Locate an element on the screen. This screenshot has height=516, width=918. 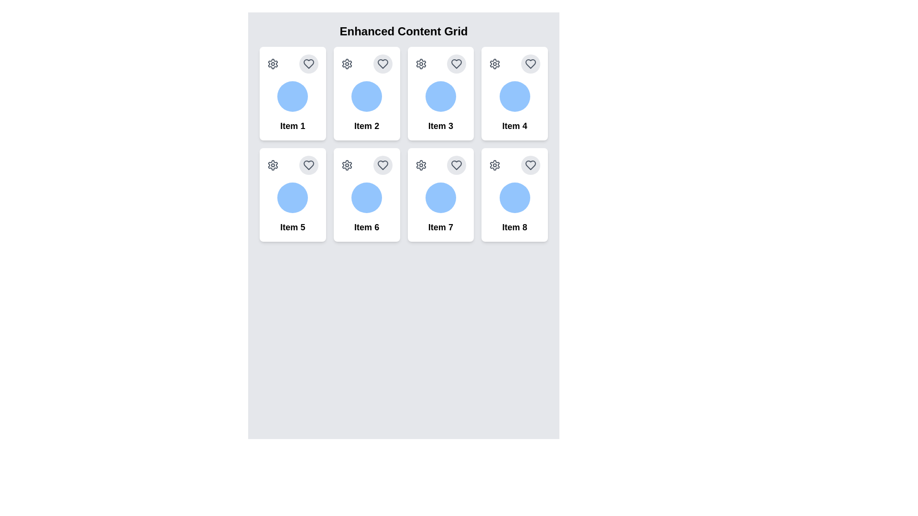
the primary outer shape of the settings icon located in the top-left corner of the card for 'Item 5' is located at coordinates (273, 165).